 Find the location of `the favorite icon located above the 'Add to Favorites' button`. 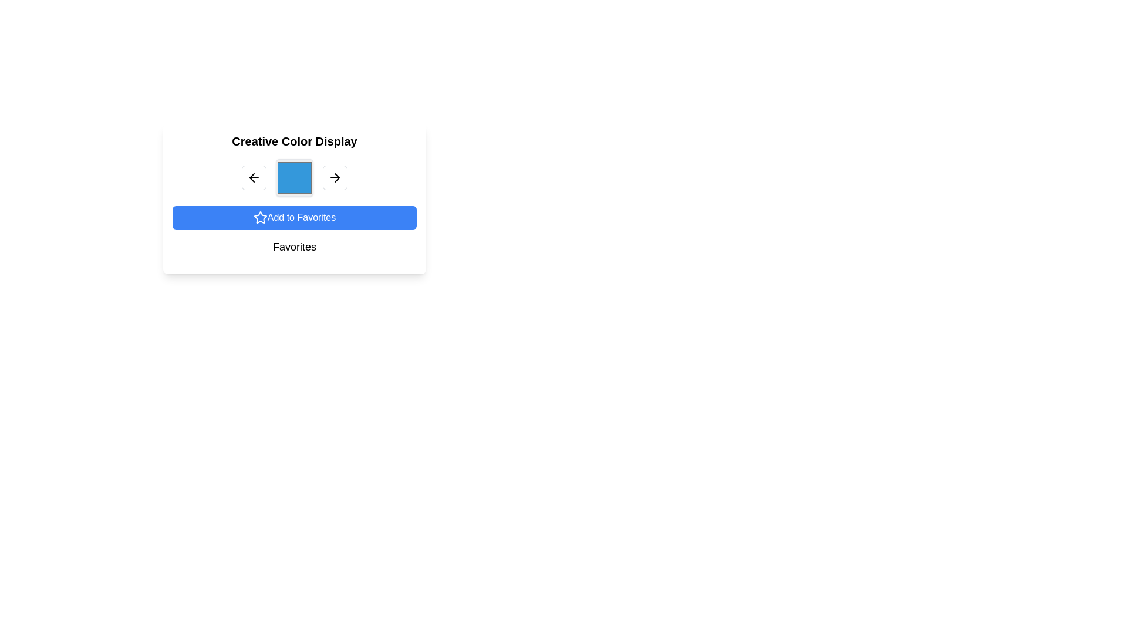

the favorite icon located above the 'Add to Favorites' button is located at coordinates (259, 217).